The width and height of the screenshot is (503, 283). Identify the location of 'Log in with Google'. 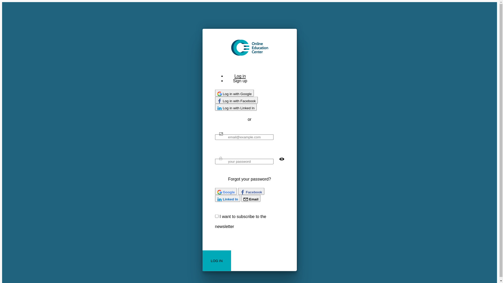
(234, 92).